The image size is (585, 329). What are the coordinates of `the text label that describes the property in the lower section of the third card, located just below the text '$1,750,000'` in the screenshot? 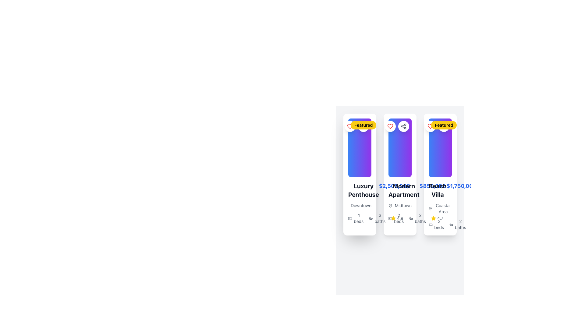 It's located at (437, 190).